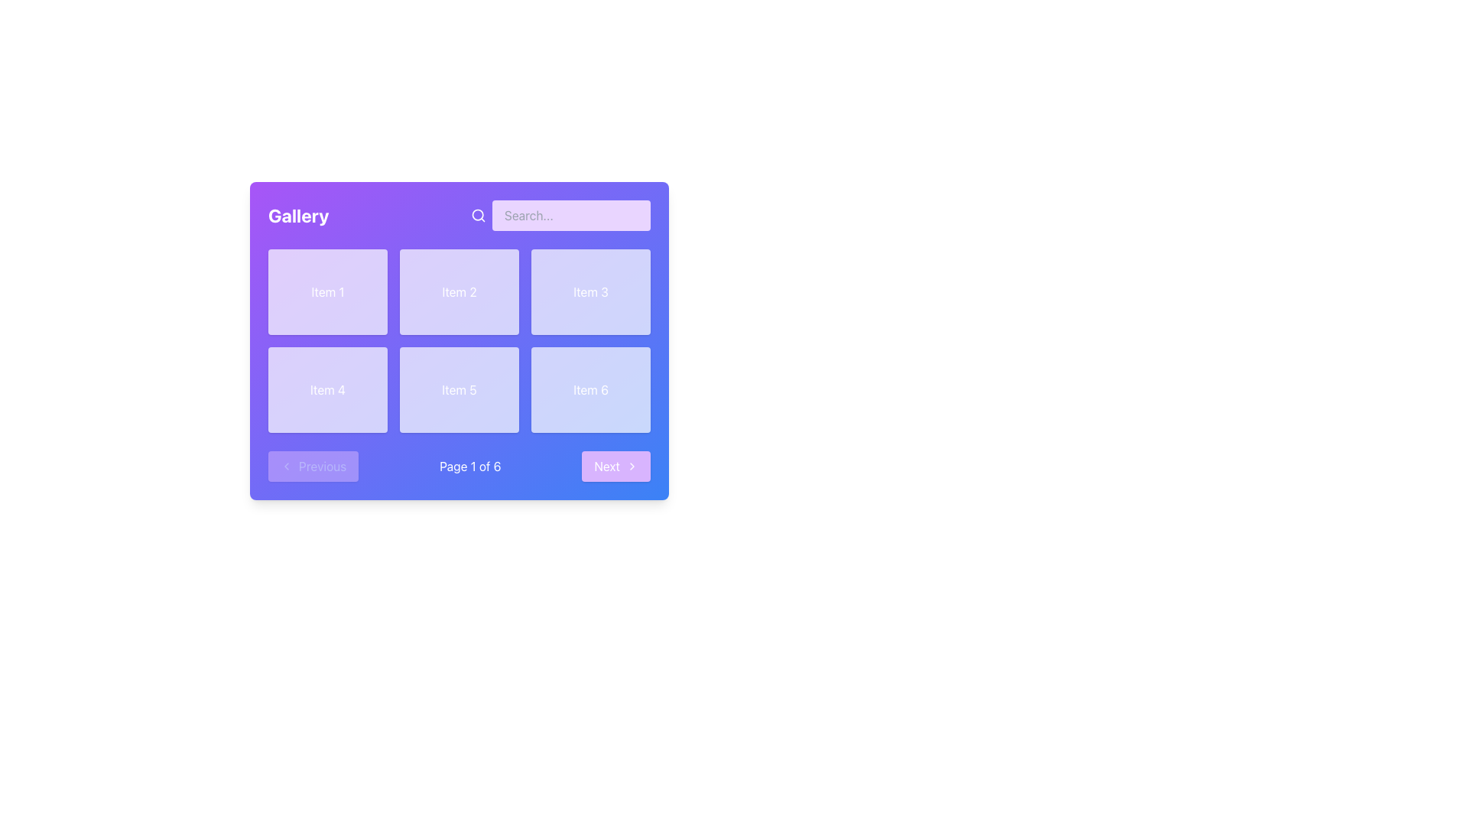 The height and width of the screenshot is (826, 1468). What do you see at coordinates (589, 389) in the screenshot?
I see `the 'Item 6' text label element, which is displayed in a white rounded rectangular box with a glowing effect, located in the lower-right section of the grid layout` at bounding box center [589, 389].